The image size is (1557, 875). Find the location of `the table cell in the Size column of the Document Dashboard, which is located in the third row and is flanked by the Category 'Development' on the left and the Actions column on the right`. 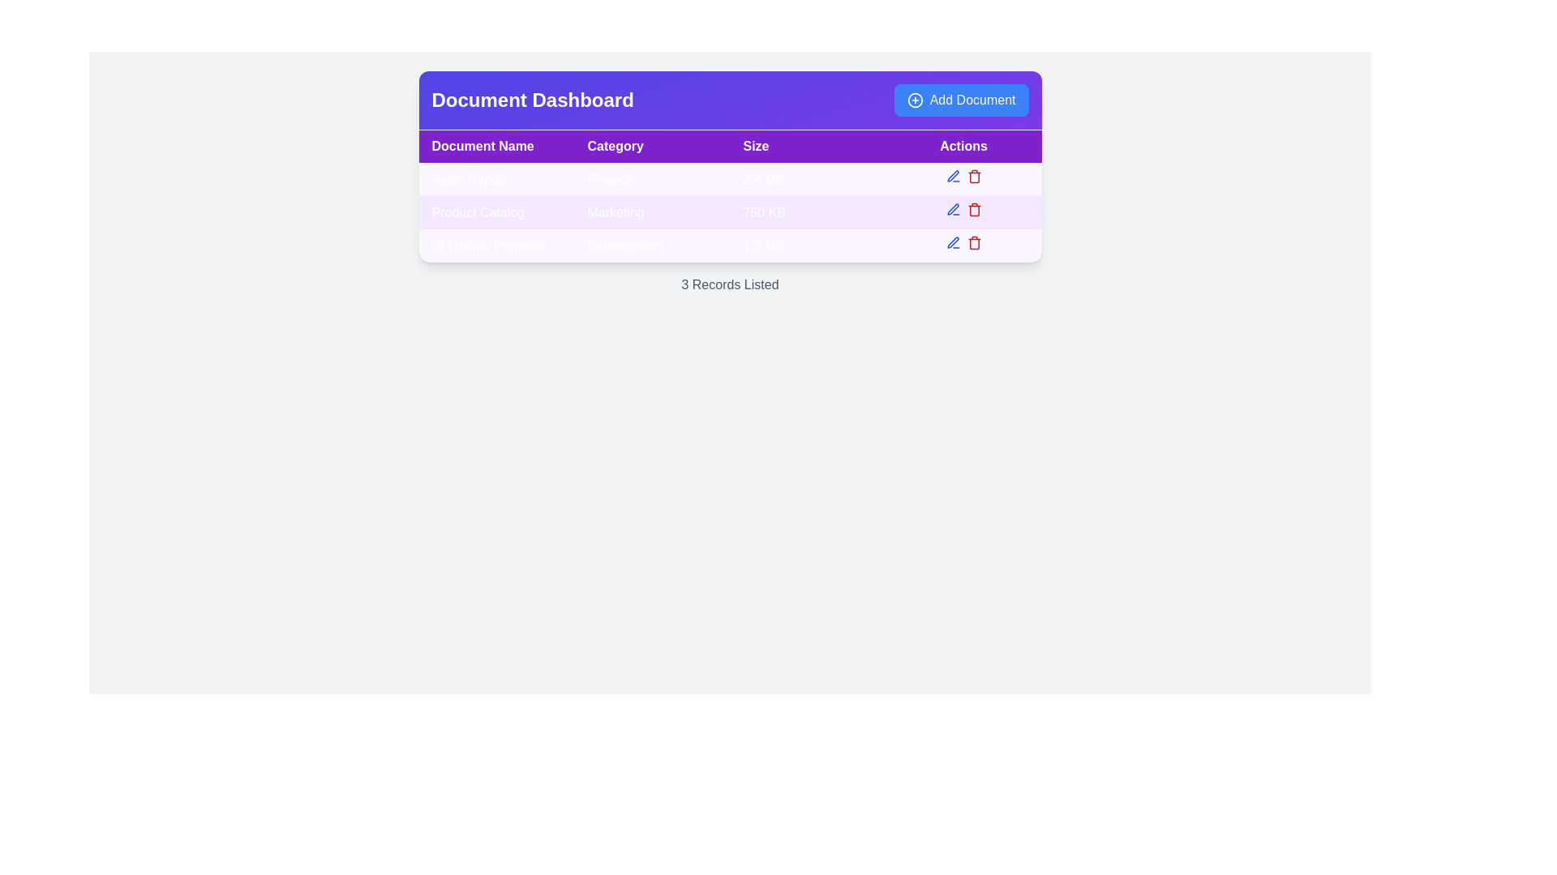

the table cell in the Size column of the Document Dashboard, which is located in the third row and is flanked by the Category 'Development' on the left and the Actions column on the right is located at coordinates (808, 245).